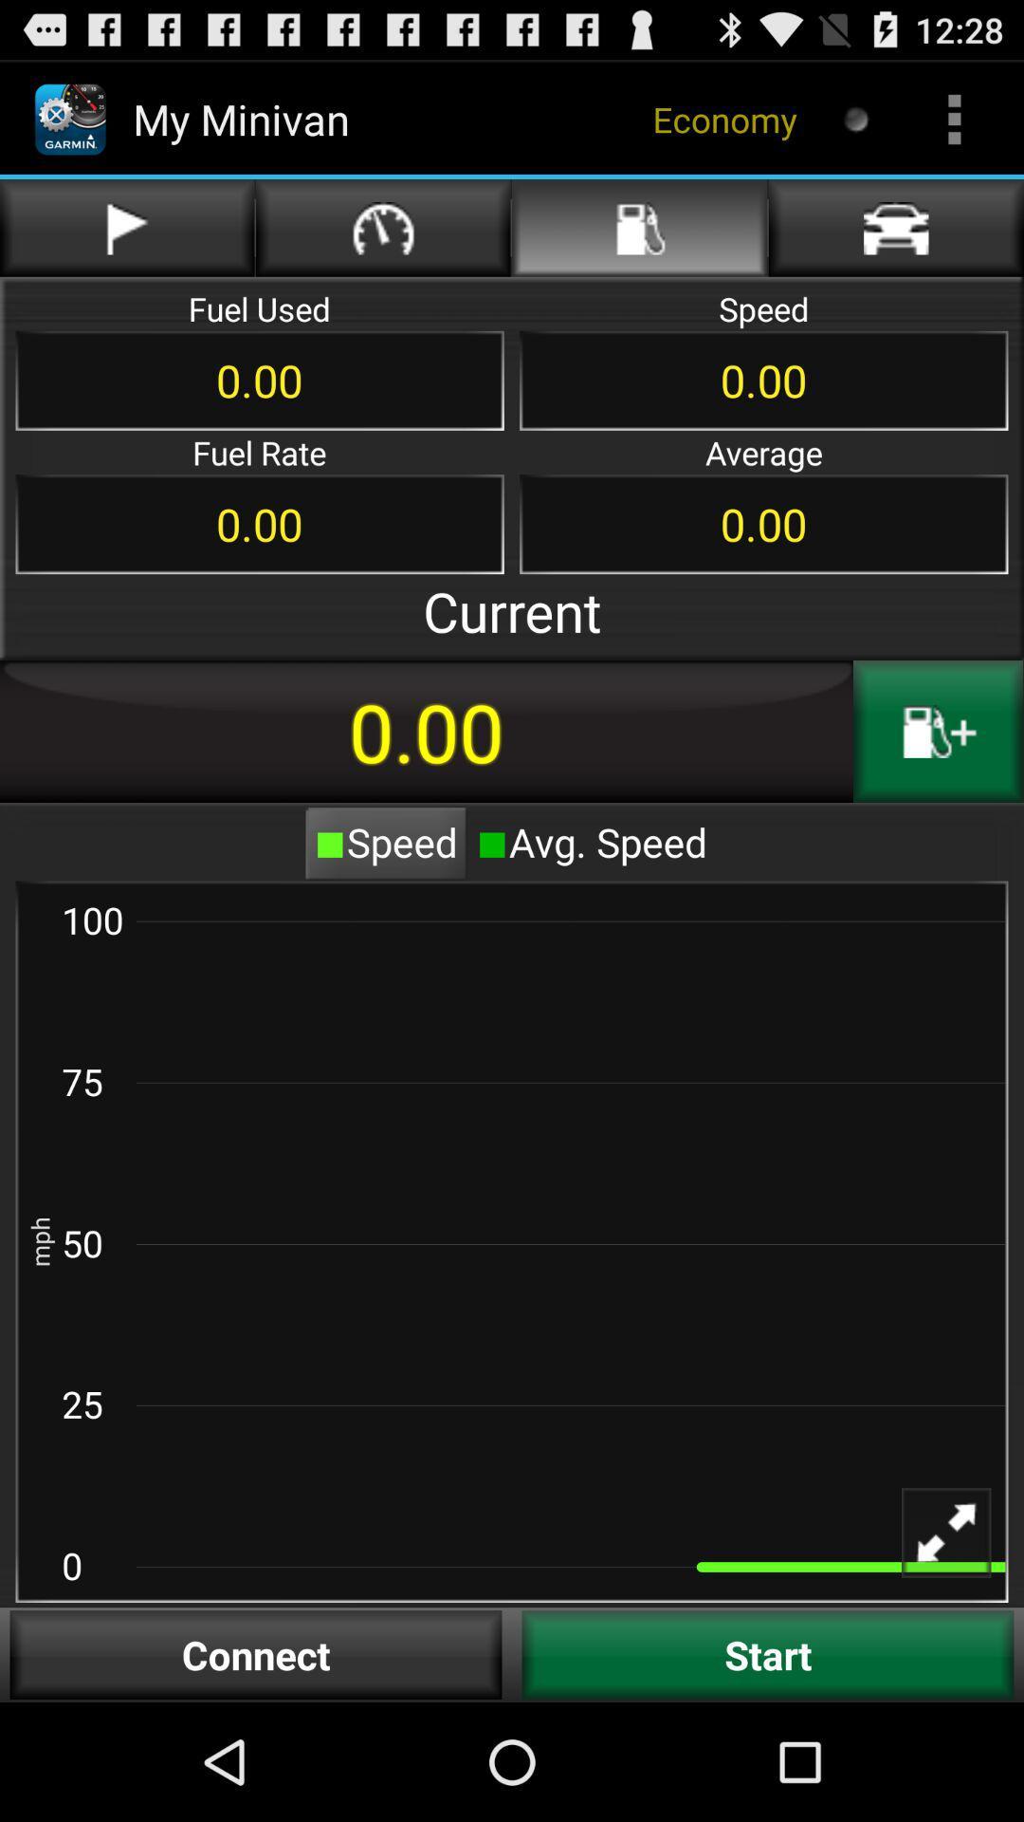 The height and width of the screenshot is (1822, 1024). I want to click on the fullscreen icon, so click(959, 1652).